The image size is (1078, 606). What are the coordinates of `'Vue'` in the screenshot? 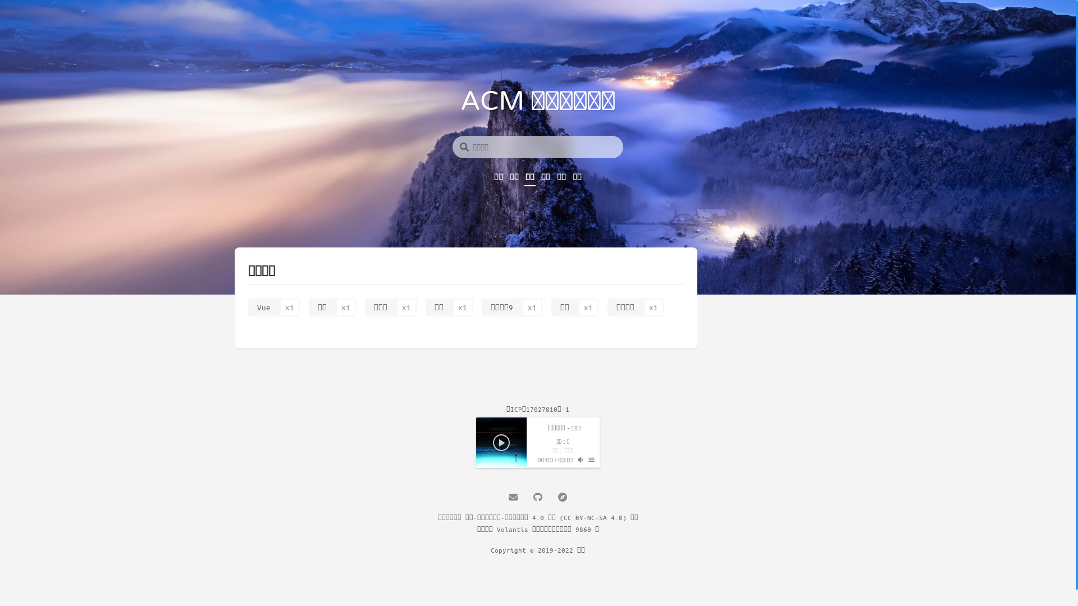 It's located at (247, 307).